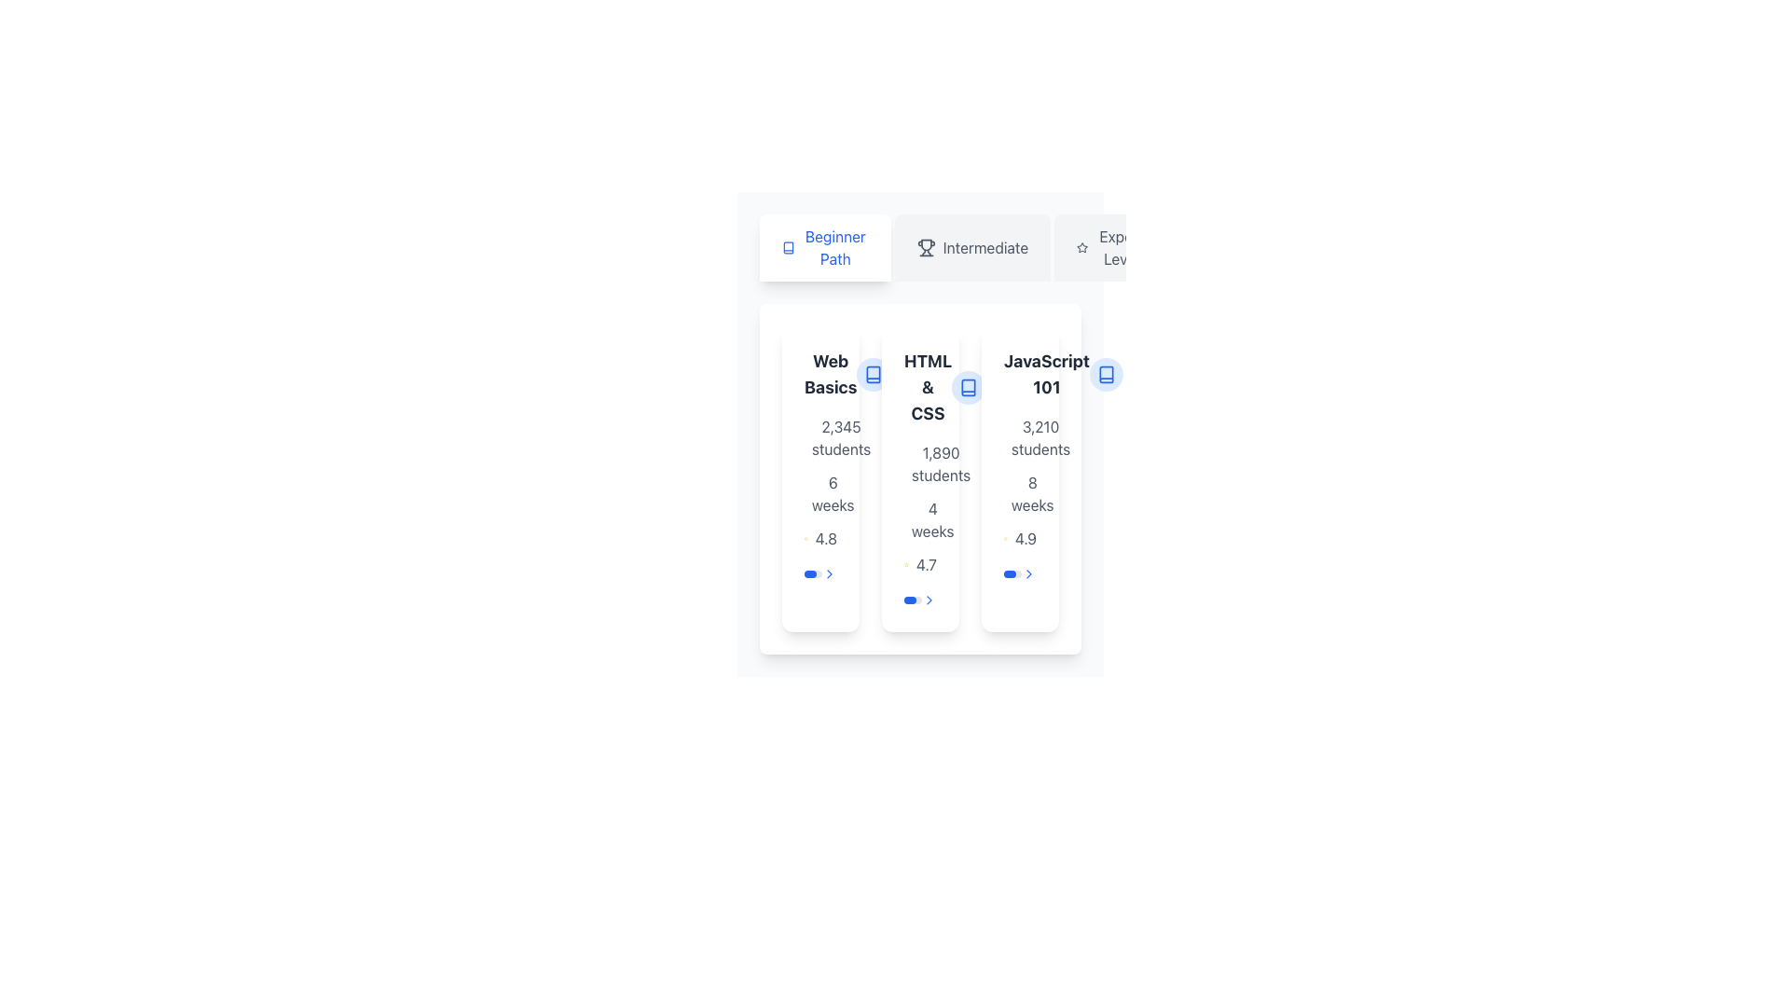  What do you see at coordinates (1019, 539) in the screenshot?
I see `the static display component that shows the rating for the 'JavaScript 101' course, located at the bottom of the card beneath the '8 weeks' text` at bounding box center [1019, 539].